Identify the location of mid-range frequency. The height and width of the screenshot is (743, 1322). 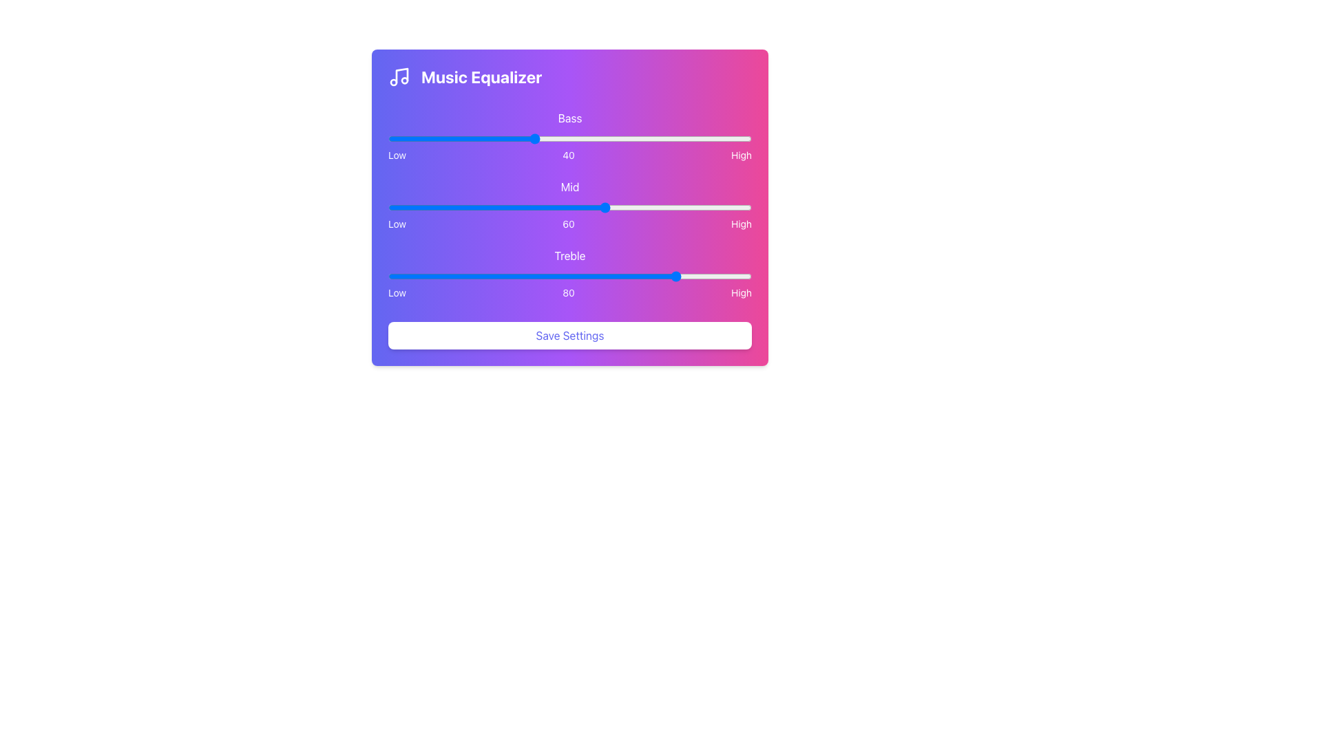
(529, 207).